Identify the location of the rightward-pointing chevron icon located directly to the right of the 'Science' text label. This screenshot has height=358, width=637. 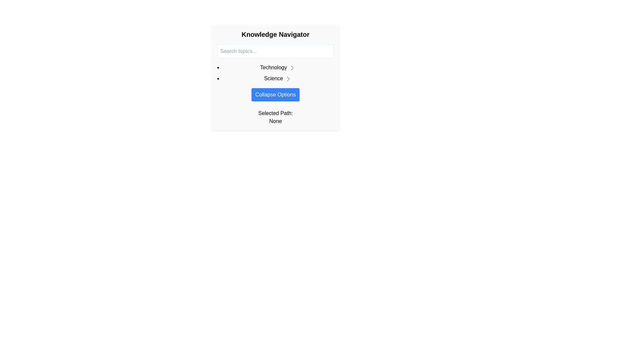
(288, 78).